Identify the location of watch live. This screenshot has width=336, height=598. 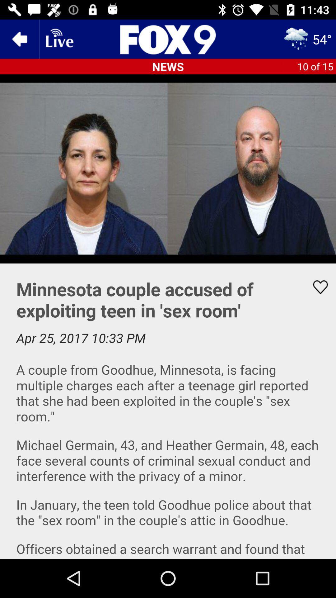
(59, 39).